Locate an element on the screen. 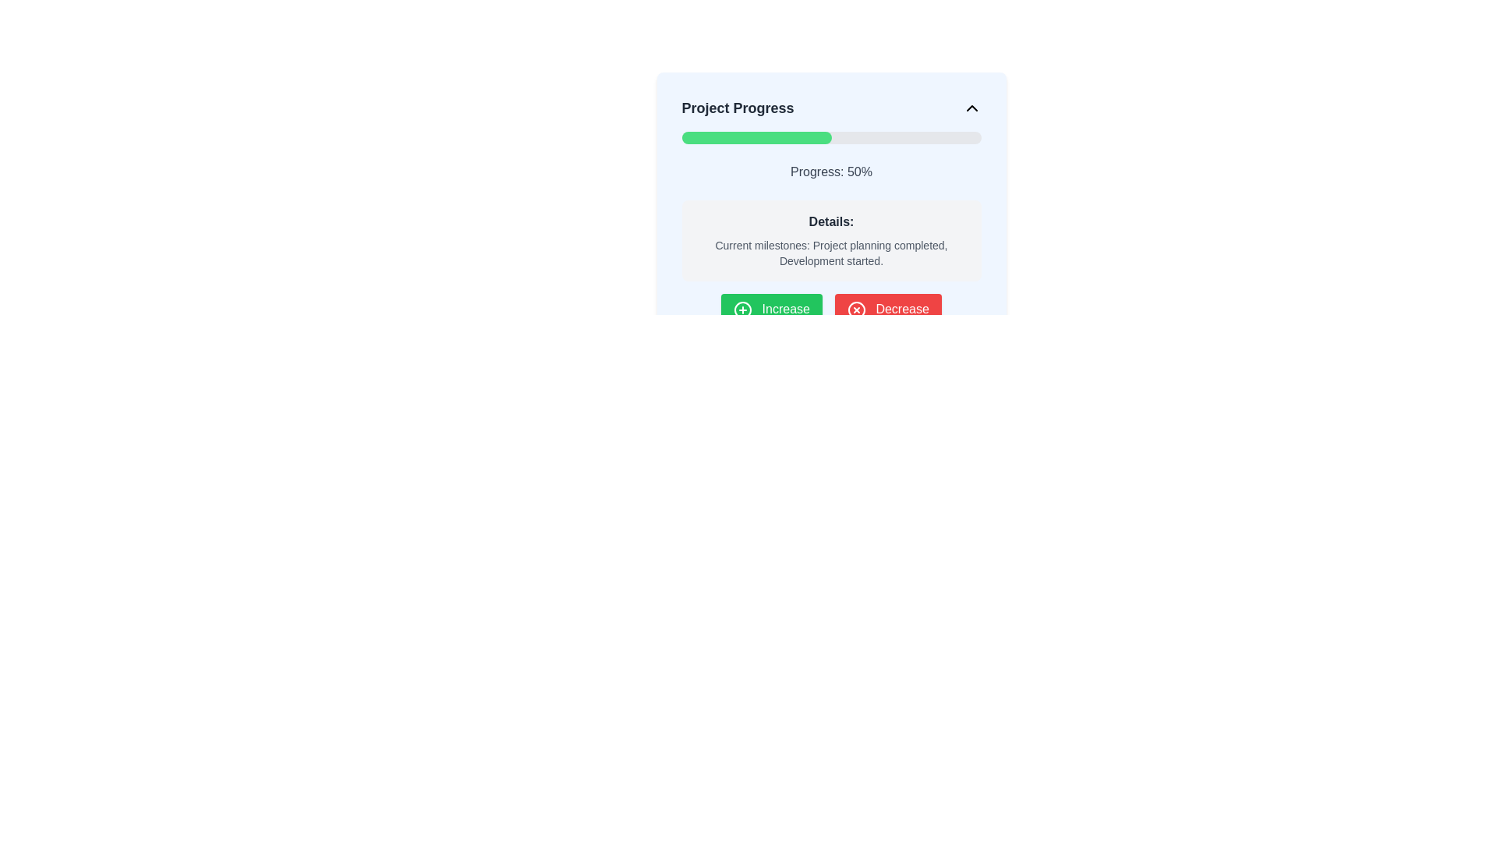 Image resolution: width=1497 pixels, height=842 pixels. the chevron icon located at the top-right corner of the 'Project Progress' section is located at coordinates (971, 107).